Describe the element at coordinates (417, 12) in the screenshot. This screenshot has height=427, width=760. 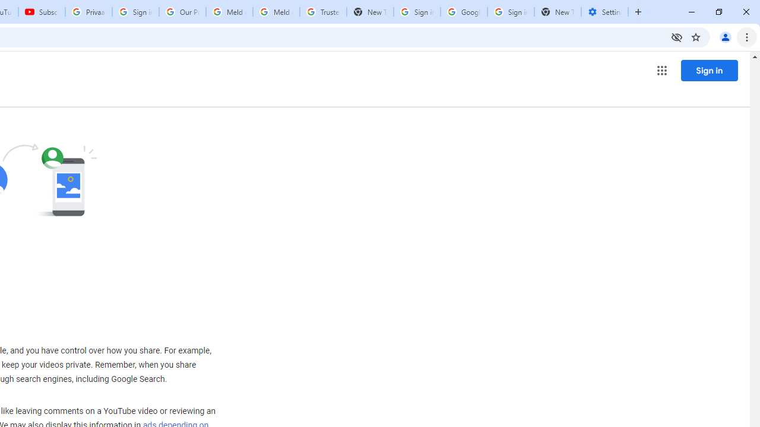
I see `'Sign in - Google Accounts'` at that location.